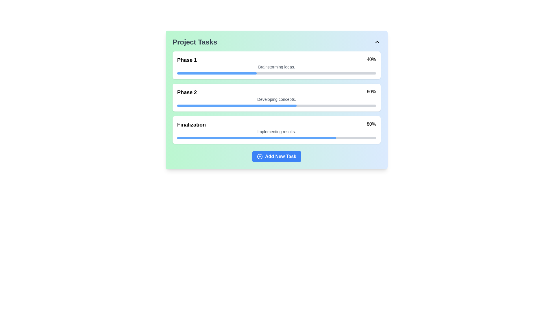  What do you see at coordinates (217, 73) in the screenshot?
I see `the blue progress bar fill section within the 'Phase 1' labeled section of the horizontal progress bar` at bounding box center [217, 73].